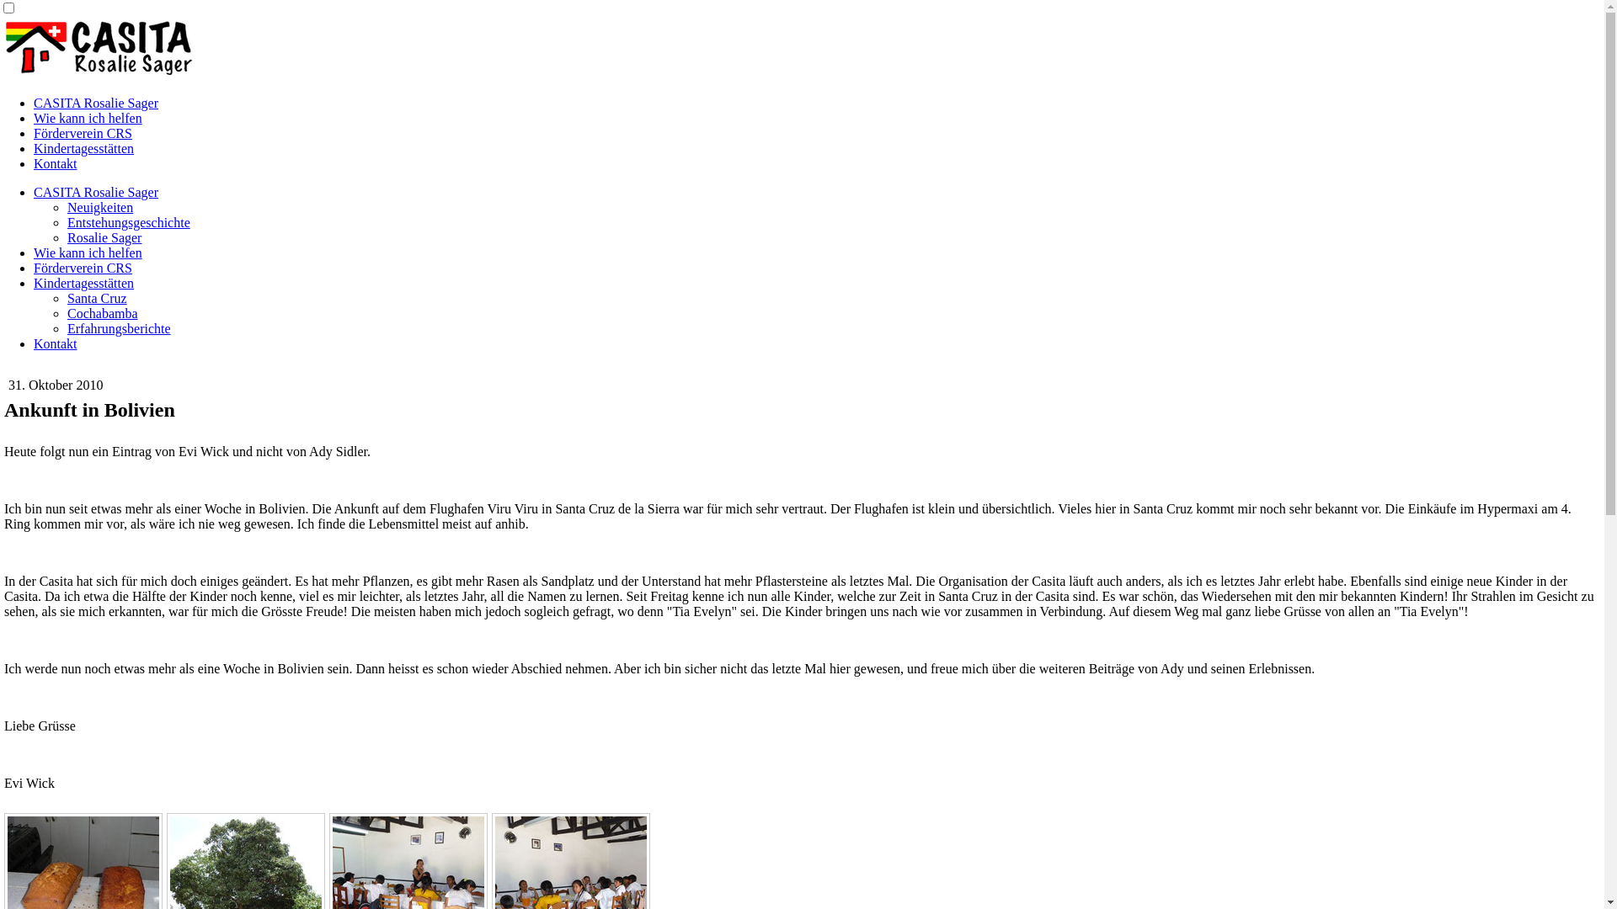  Describe the element at coordinates (67, 313) in the screenshot. I see `'Cochabamba'` at that location.